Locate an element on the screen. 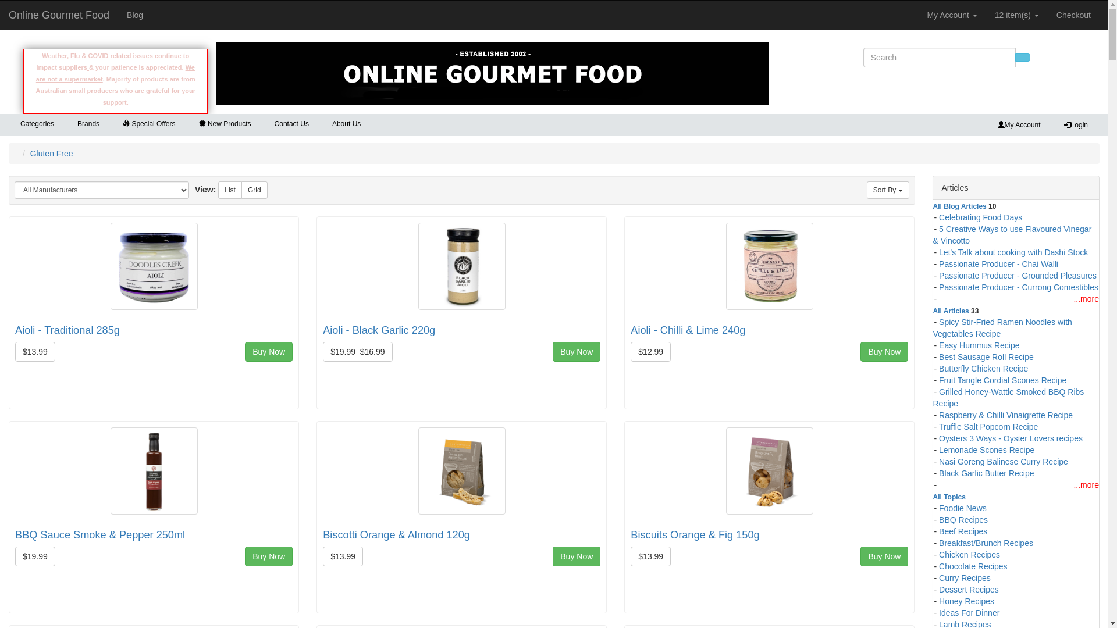  '$19.99  $16.99' is located at coordinates (323, 351).